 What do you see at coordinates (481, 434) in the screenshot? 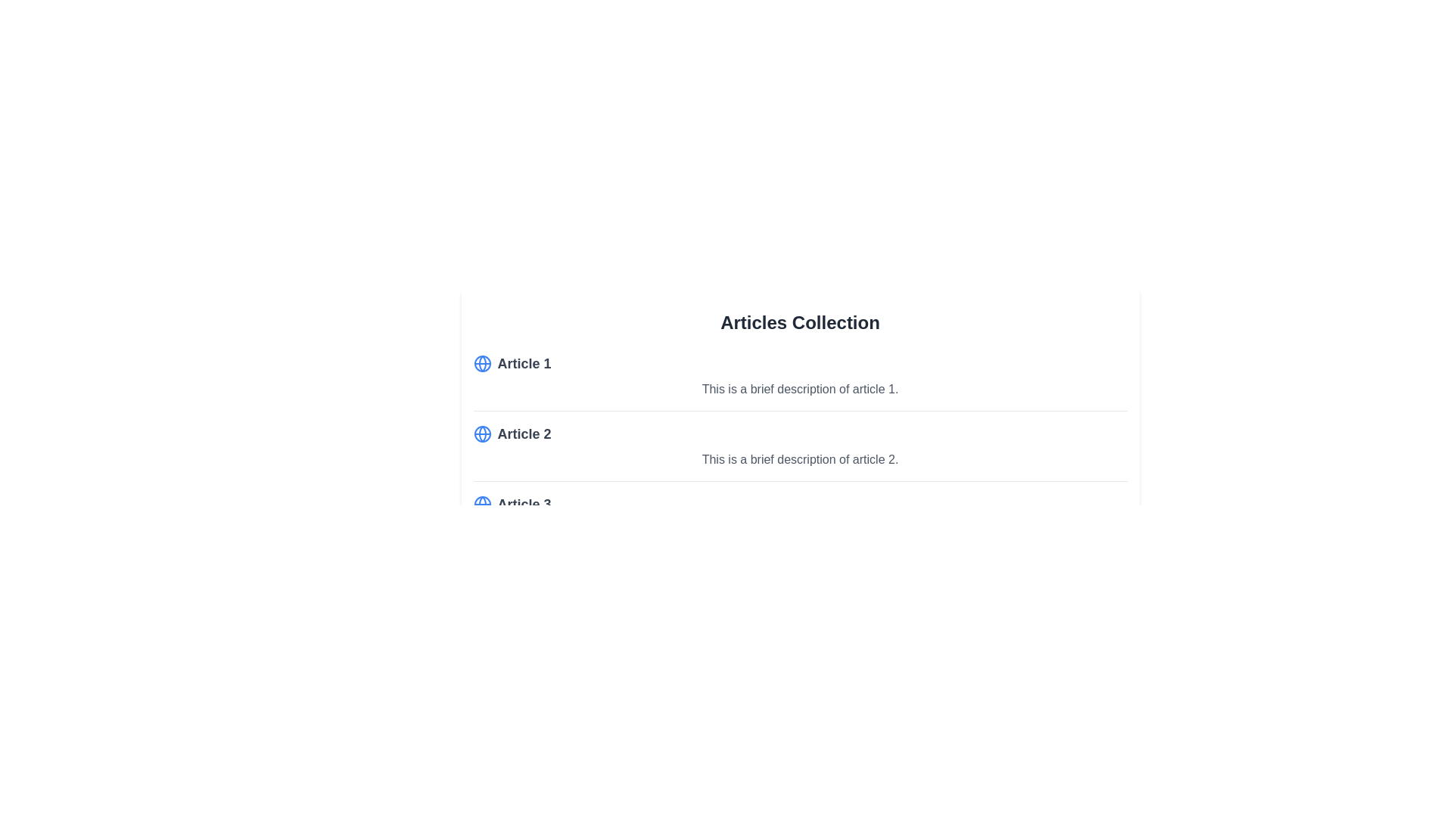
I see `the globe icon located to the left of 'Article 2', which represents global topics or internet-related content` at bounding box center [481, 434].